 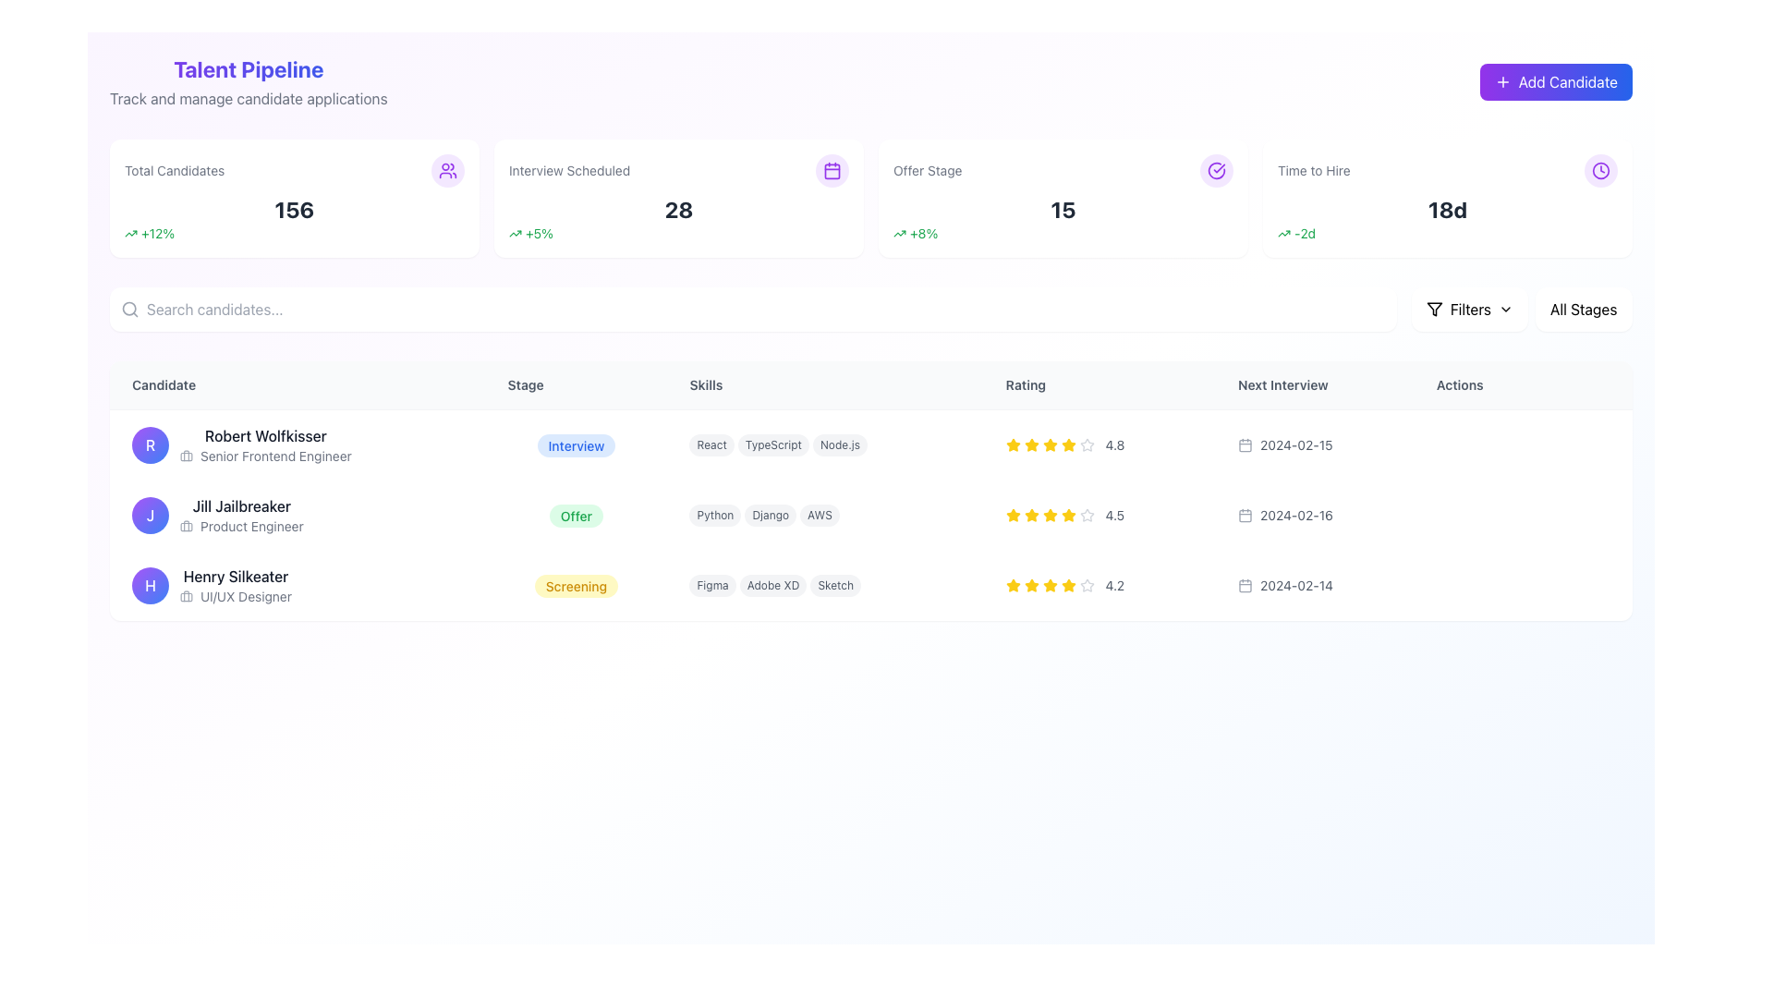 What do you see at coordinates (1245, 585) in the screenshot?
I see `the calendar icon in the 'Next Interview' column for the last-listed candidate` at bounding box center [1245, 585].